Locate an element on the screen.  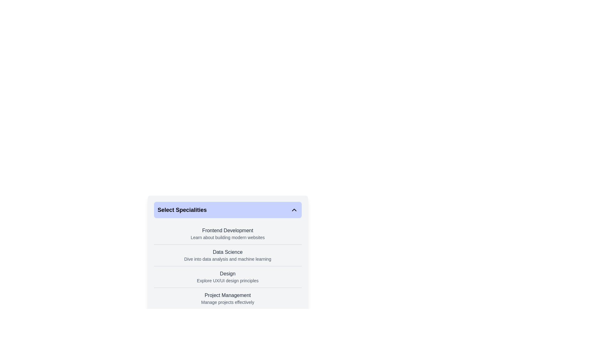
the 'Frontend Development' static text block in the 'Select Specialities' dropdown, which describes the topic as 'Learn about building modern websites.' is located at coordinates (227, 234).